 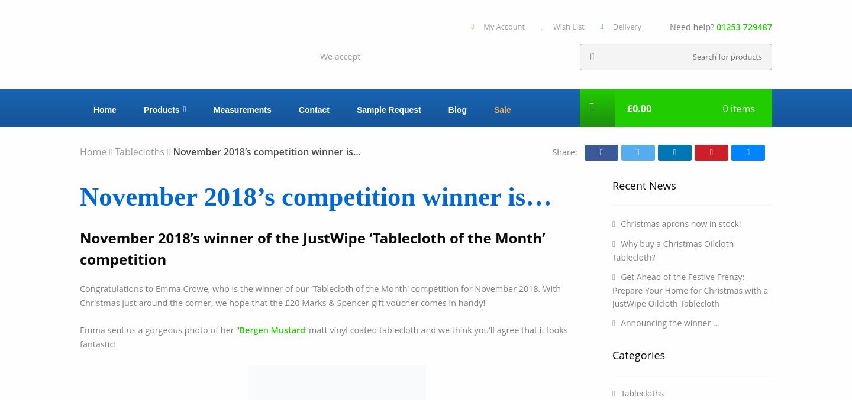 I want to click on 'We accept', so click(x=340, y=56).